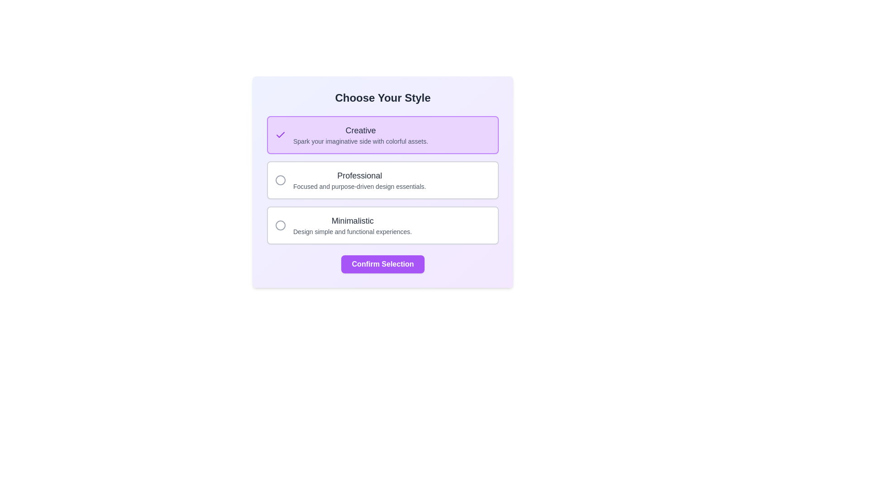  Describe the element at coordinates (280, 135) in the screenshot. I see `the Checkmark graphic indicating the selection status of the 'Creative' style option, located in the top-left quadrant of the option box` at that location.